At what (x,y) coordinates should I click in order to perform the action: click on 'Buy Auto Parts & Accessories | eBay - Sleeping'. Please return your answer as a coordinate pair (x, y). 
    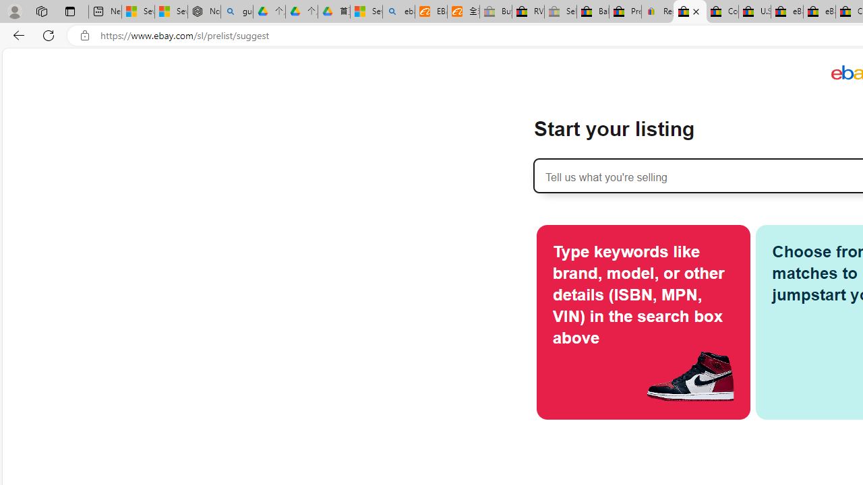
    Looking at the image, I should click on (495, 11).